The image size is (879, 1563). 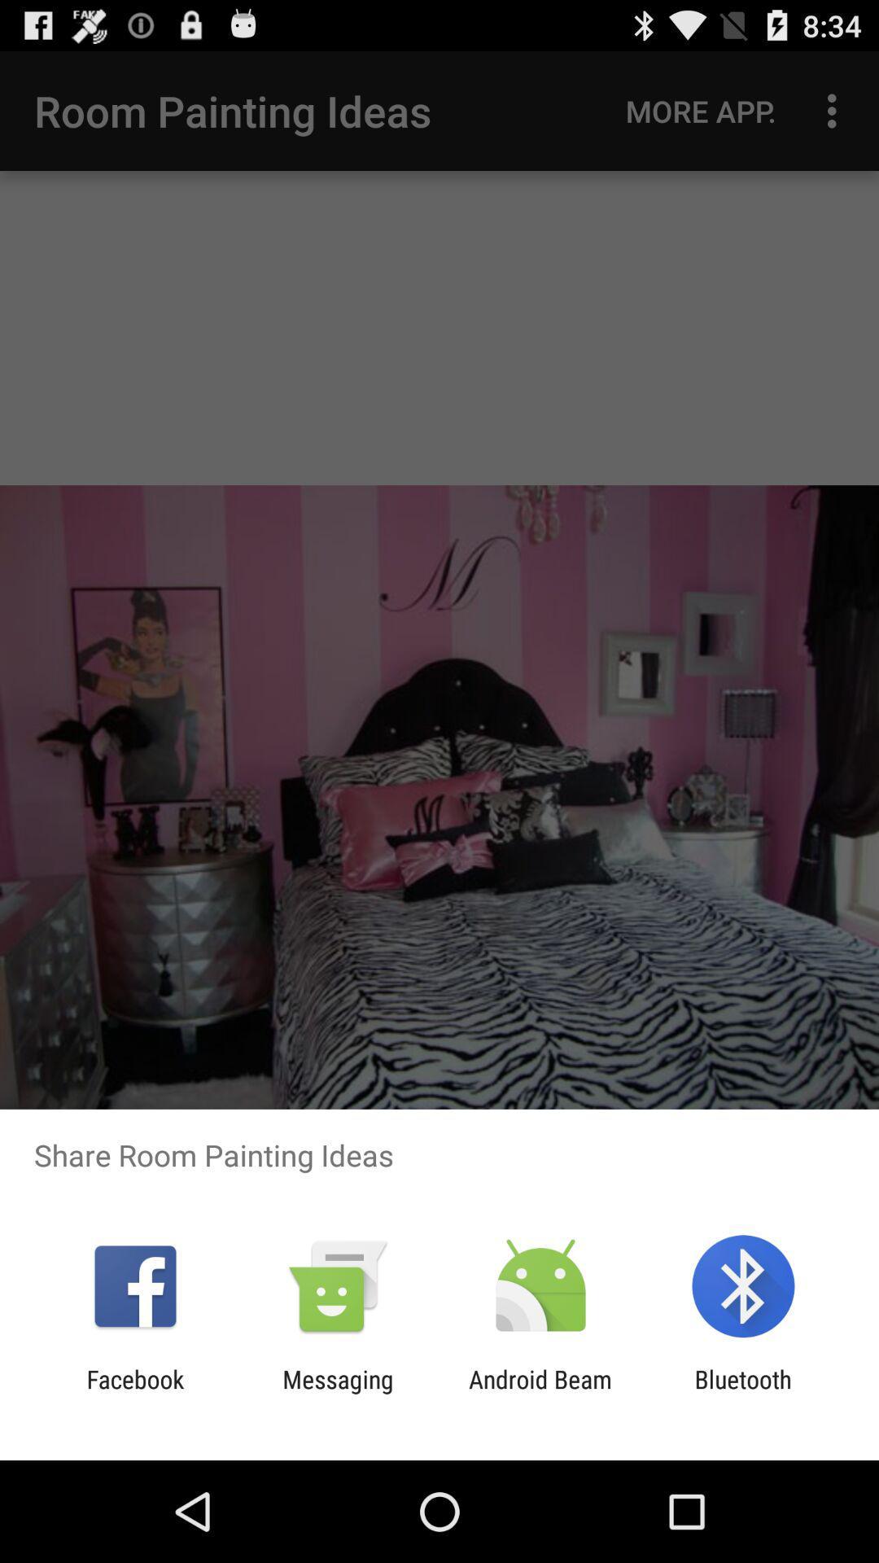 I want to click on item next to messaging app, so click(x=134, y=1393).